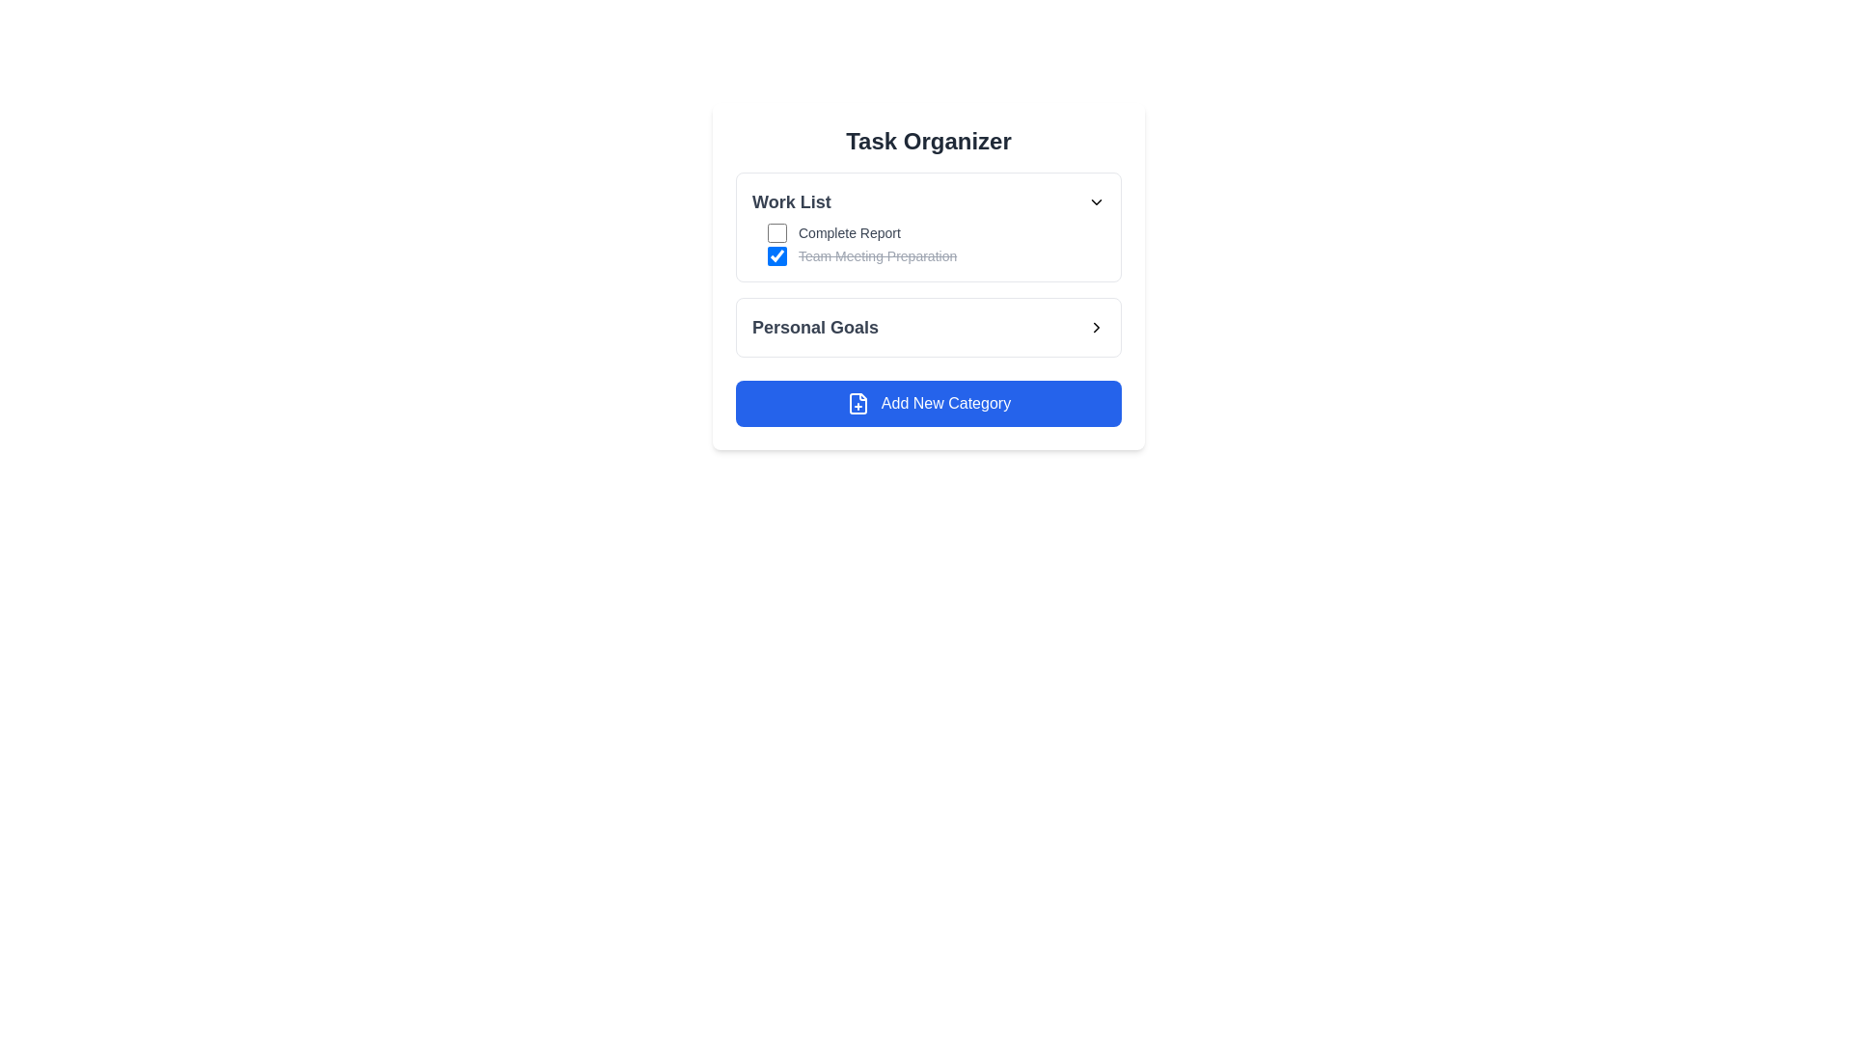 This screenshot has height=1041, width=1852. I want to click on the first task item in the 'Work List' section, so click(929, 244).